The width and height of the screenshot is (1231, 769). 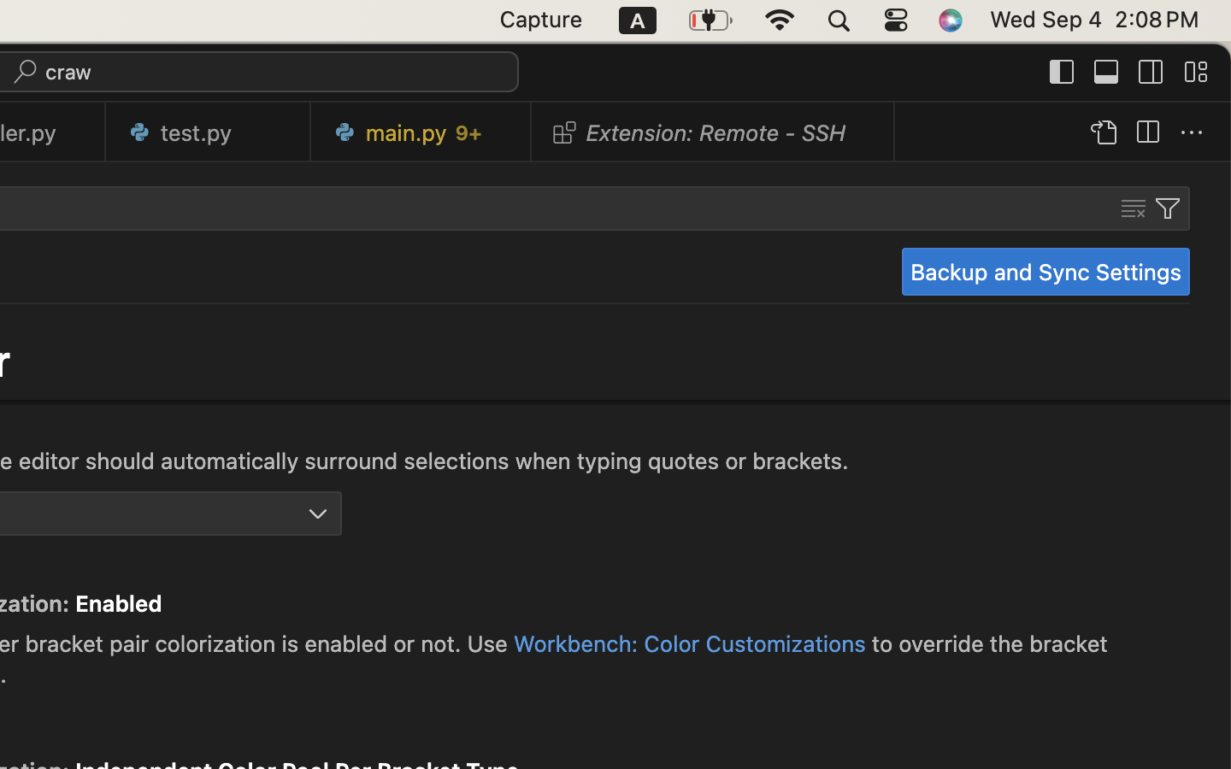 What do you see at coordinates (1146, 132) in the screenshot?
I see `''` at bounding box center [1146, 132].